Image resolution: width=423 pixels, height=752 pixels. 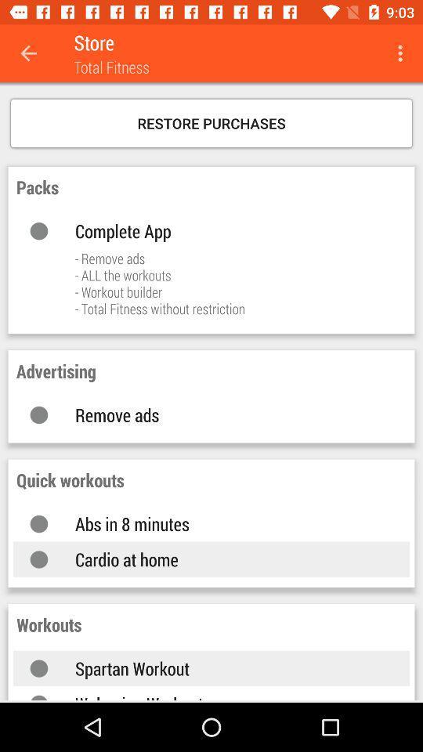 I want to click on the item above the packs, so click(x=211, y=122).